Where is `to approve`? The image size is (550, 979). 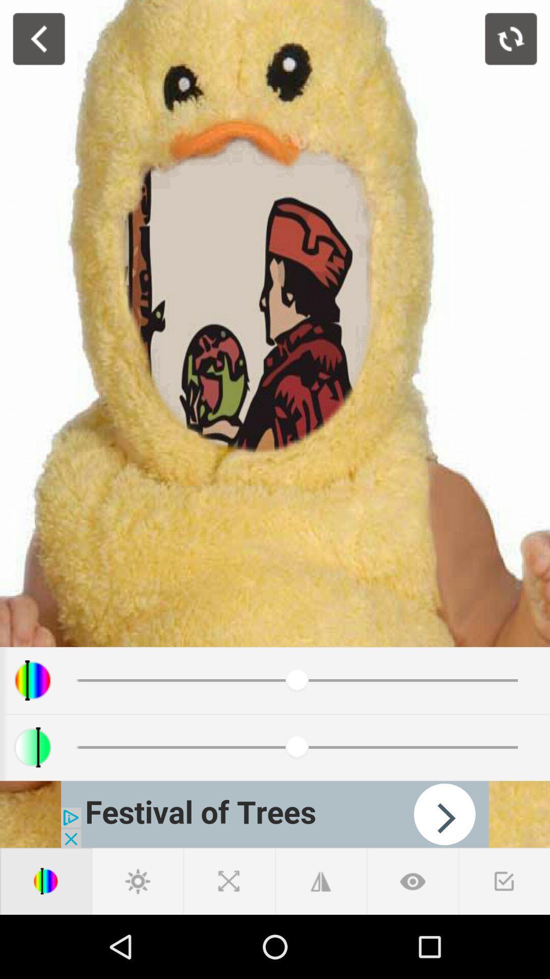
to approve is located at coordinates (504, 881).